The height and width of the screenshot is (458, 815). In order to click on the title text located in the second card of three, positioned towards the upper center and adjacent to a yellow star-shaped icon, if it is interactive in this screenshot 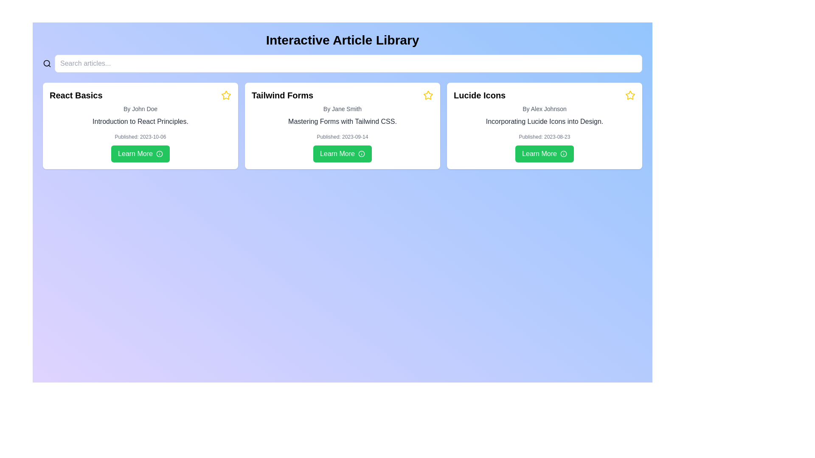, I will do `click(282, 95)`.